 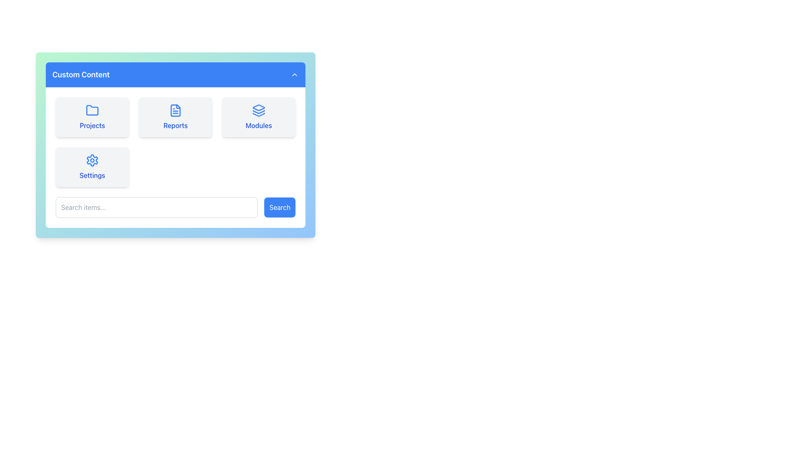 I want to click on the 'Modules' button located in the top-right corner of the grid, so click(x=258, y=117).